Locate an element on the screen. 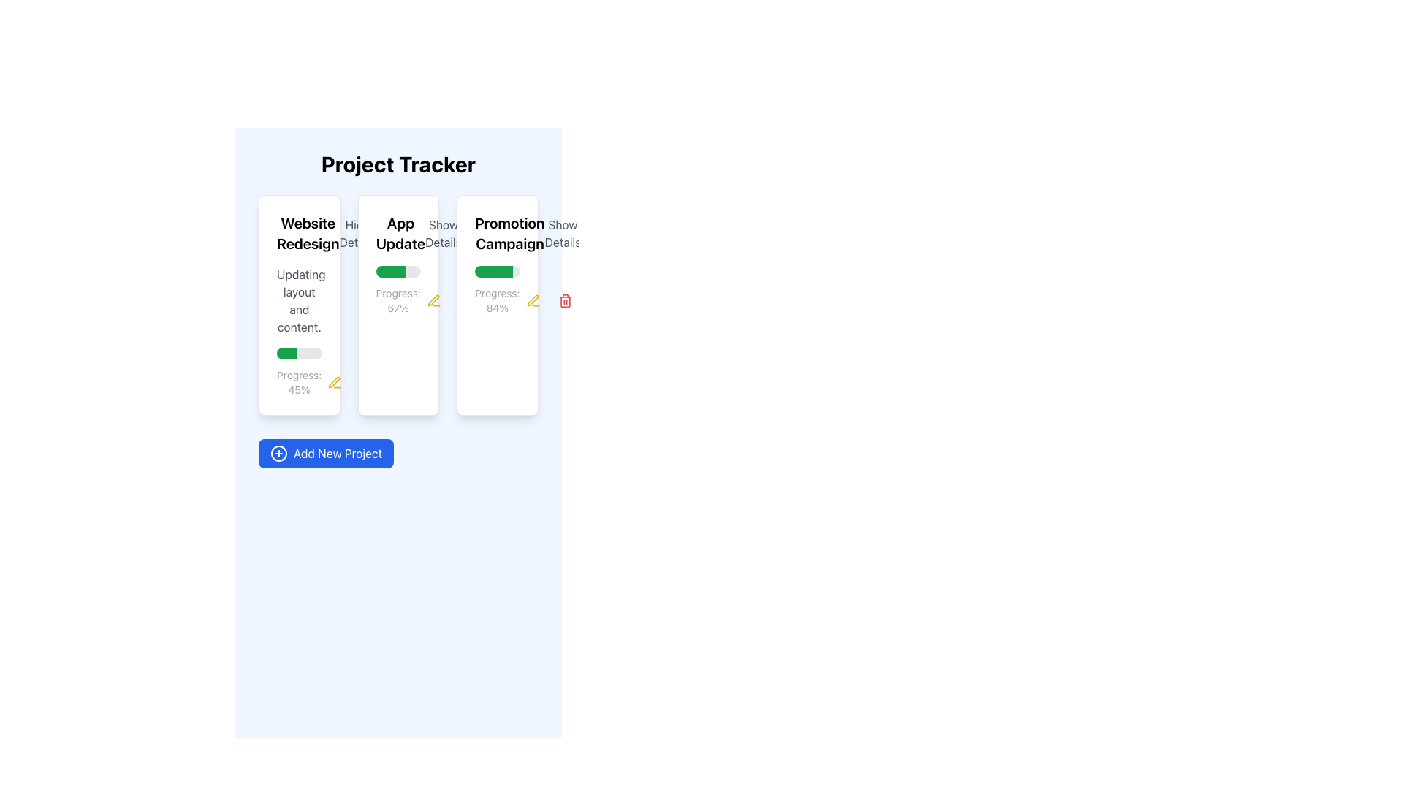 This screenshot has width=1403, height=789. the text label displaying 'Progress: 45%' located below the green progress bar within the 'Website Redesign' card is located at coordinates (298, 382).